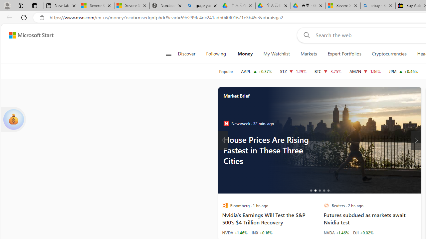 Image resolution: width=426 pixels, height=239 pixels. What do you see at coordinates (27, 35) in the screenshot?
I see `'Skip to footer'` at bounding box center [27, 35].